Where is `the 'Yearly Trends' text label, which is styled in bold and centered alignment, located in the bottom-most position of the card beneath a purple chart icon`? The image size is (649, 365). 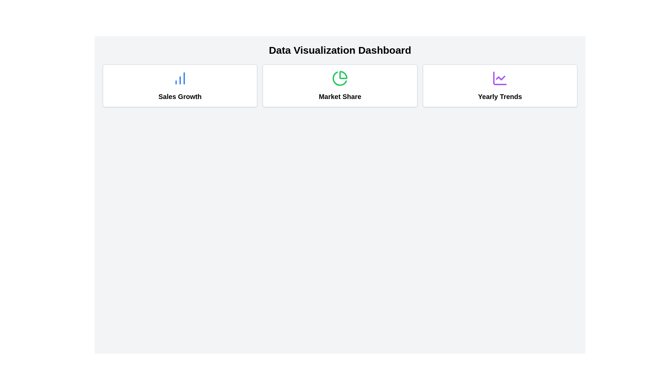 the 'Yearly Trends' text label, which is styled in bold and centered alignment, located in the bottom-most position of the card beneath a purple chart icon is located at coordinates (500, 96).